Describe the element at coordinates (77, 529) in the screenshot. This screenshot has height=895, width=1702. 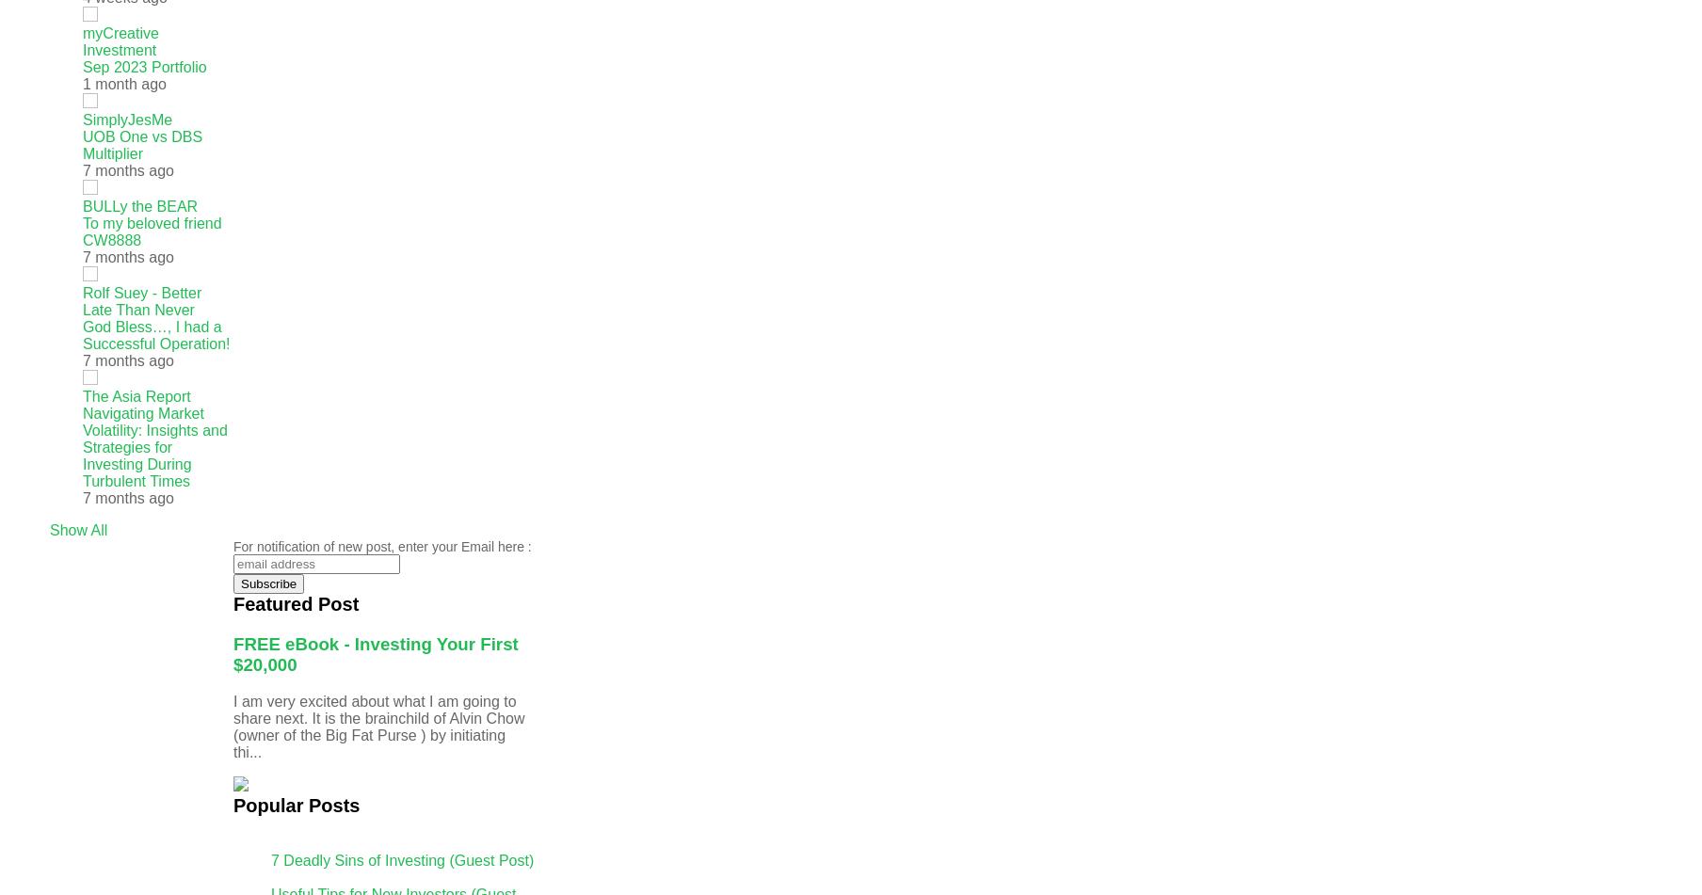
I see `'Show All'` at that location.